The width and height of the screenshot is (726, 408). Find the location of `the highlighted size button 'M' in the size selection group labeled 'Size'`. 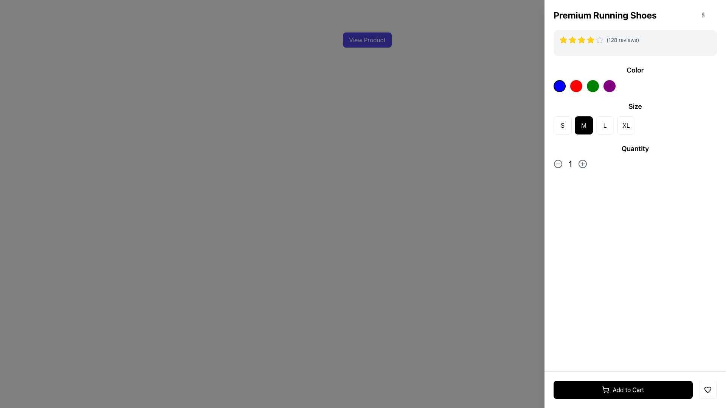

the highlighted size button 'M' in the size selection group labeled 'Size' is located at coordinates (635, 118).